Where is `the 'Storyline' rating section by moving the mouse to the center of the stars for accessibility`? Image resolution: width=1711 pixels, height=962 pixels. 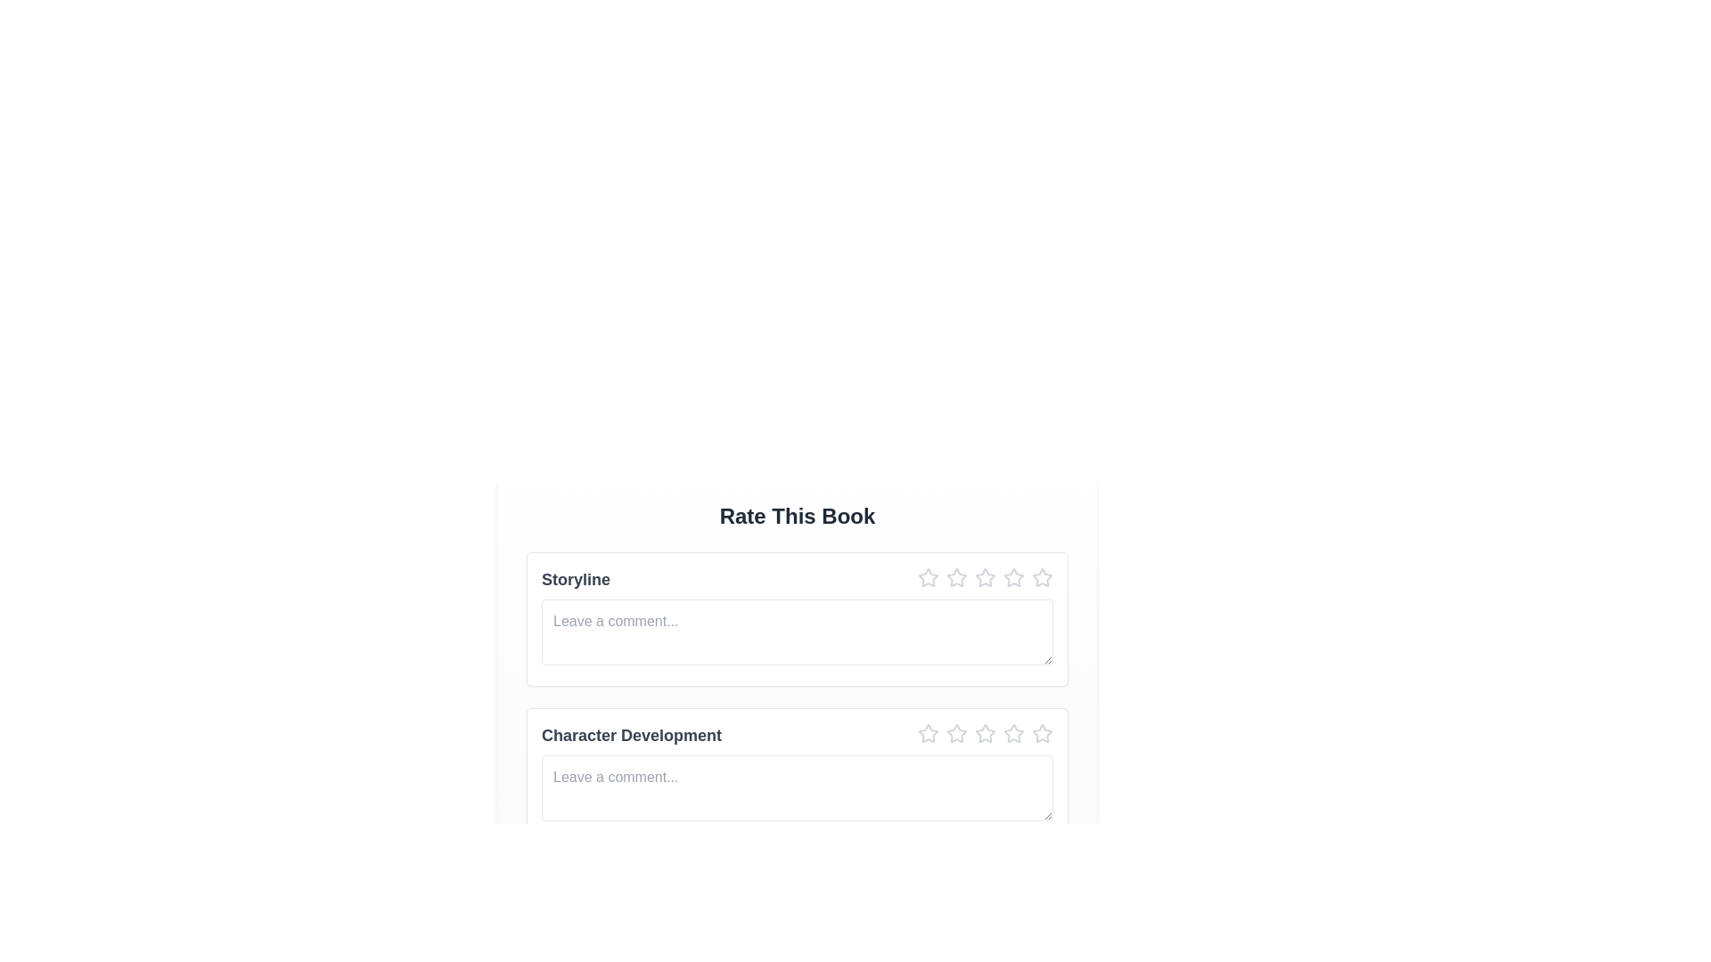 the 'Storyline' rating section by moving the mouse to the center of the stars for accessibility is located at coordinates (796, 580).